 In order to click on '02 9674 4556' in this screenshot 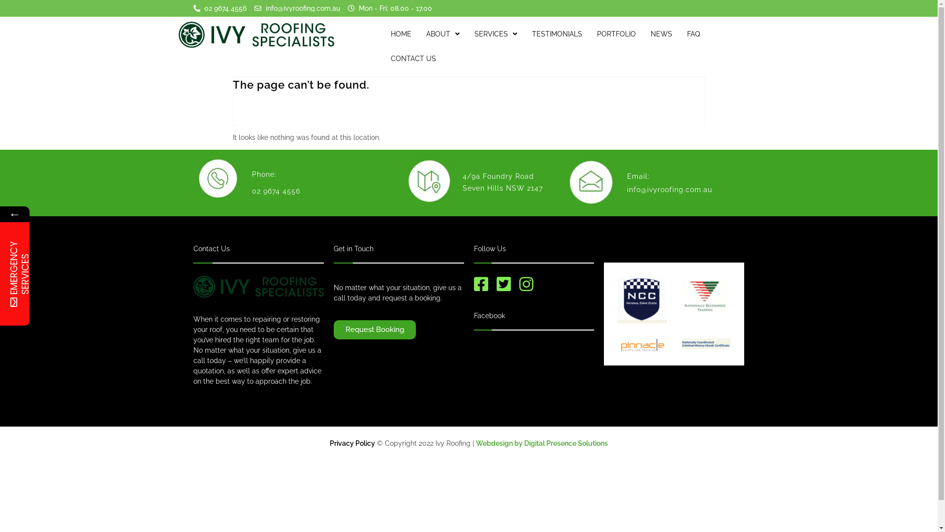, I will do `click(219, 8)`.